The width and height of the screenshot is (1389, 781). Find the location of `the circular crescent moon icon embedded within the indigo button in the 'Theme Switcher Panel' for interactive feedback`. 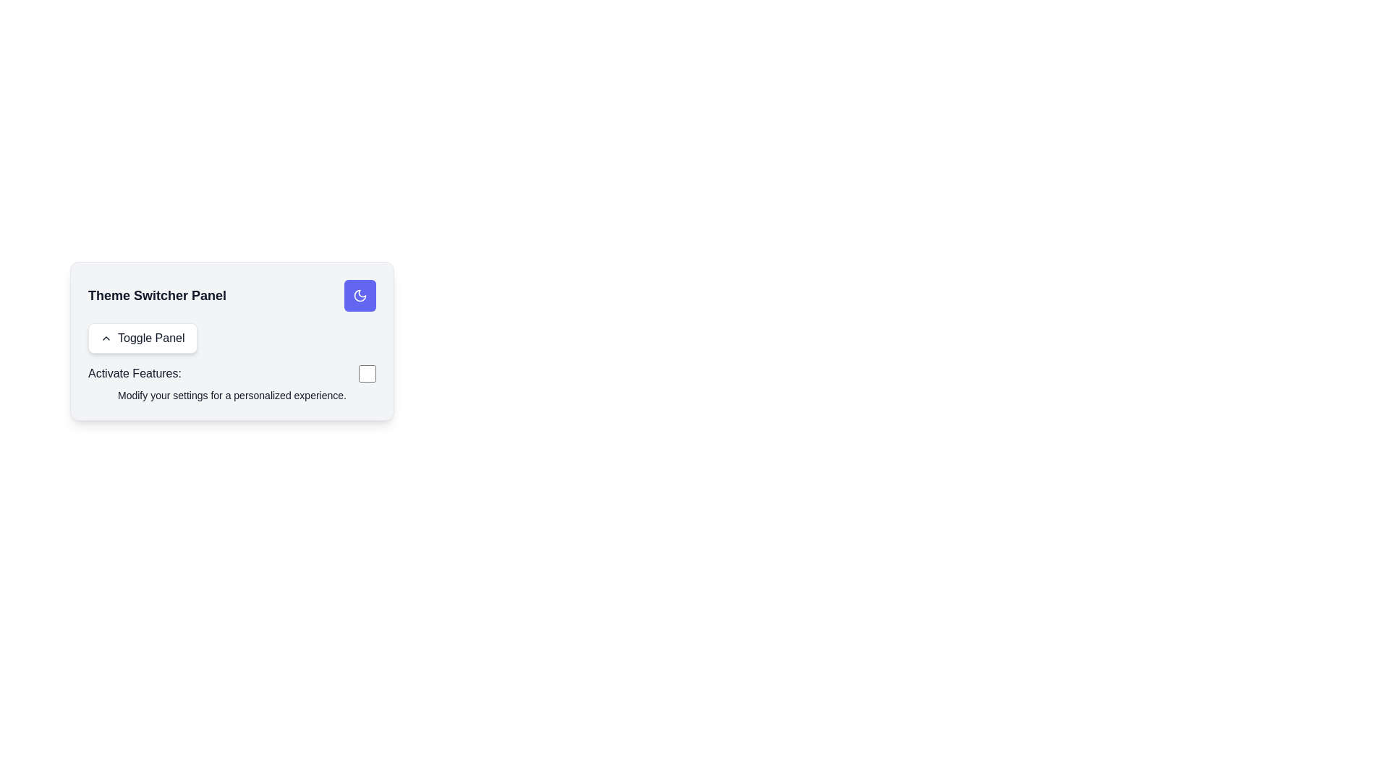

the circular crescent moon icon embedded within the indigo button in the 'Theme Switcher Panel' for interactive feedback is located at coordinates (360, 294).